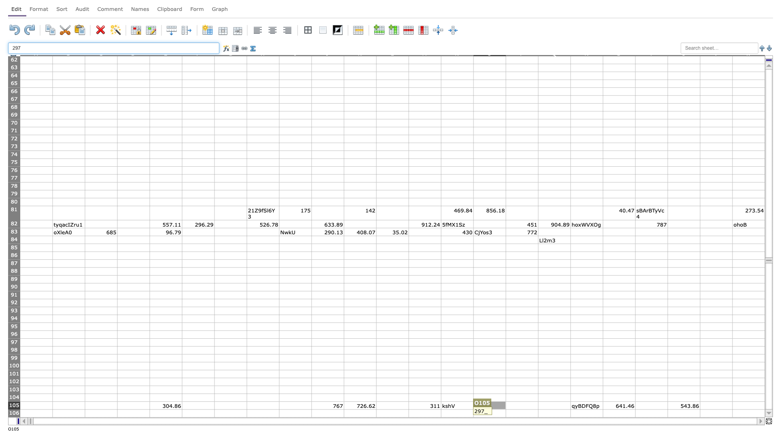 This screenshot has height=437, width=777. I want to click on Right border of cell Q-106, so click(570, 413).